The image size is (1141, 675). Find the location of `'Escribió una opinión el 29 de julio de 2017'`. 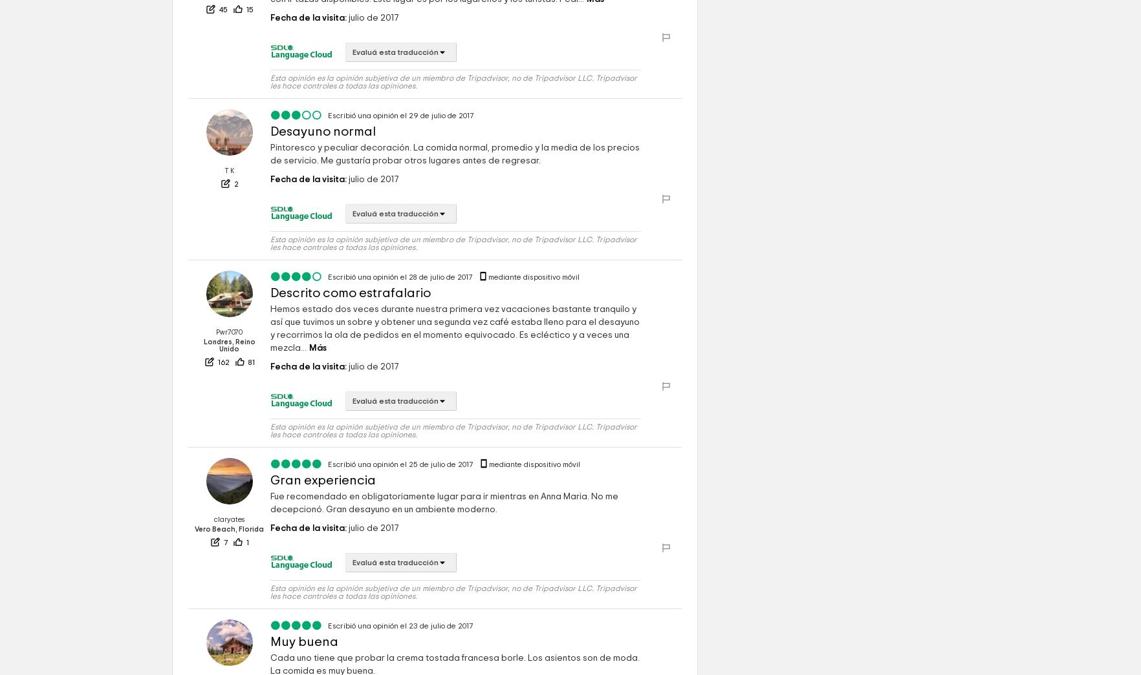

'Escribió una opinión el 29 de julio de 2017' is located at coordinates (400, 116).